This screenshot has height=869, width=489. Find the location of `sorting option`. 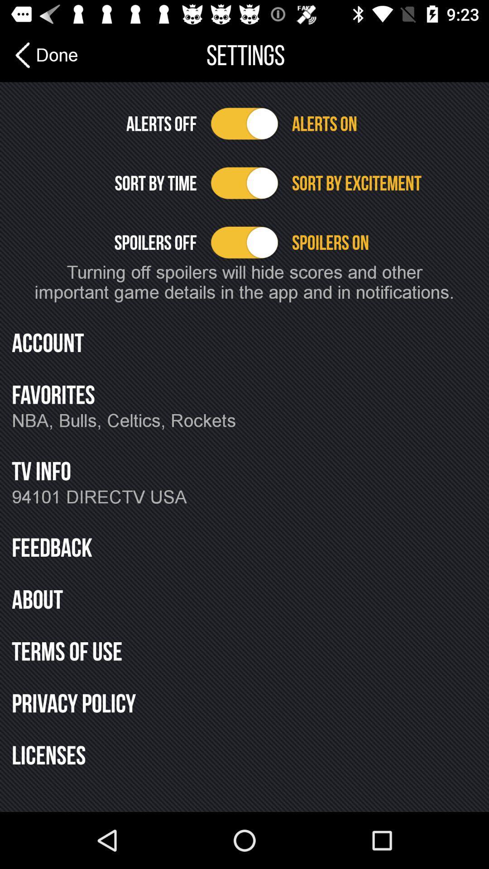

sorting option is located at coordinates (244, 182).